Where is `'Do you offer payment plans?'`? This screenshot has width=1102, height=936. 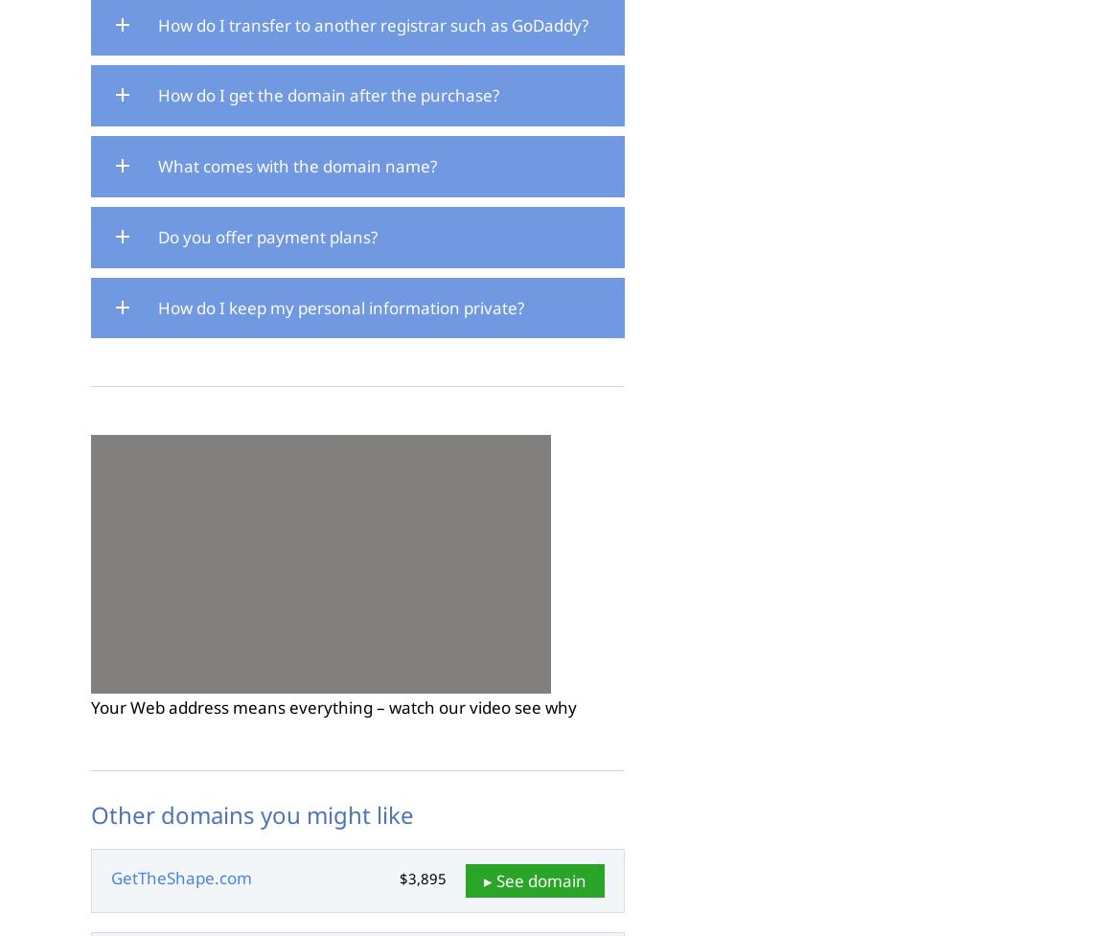 'Do you offer payment plans?' is located at coordinates (266, 235).